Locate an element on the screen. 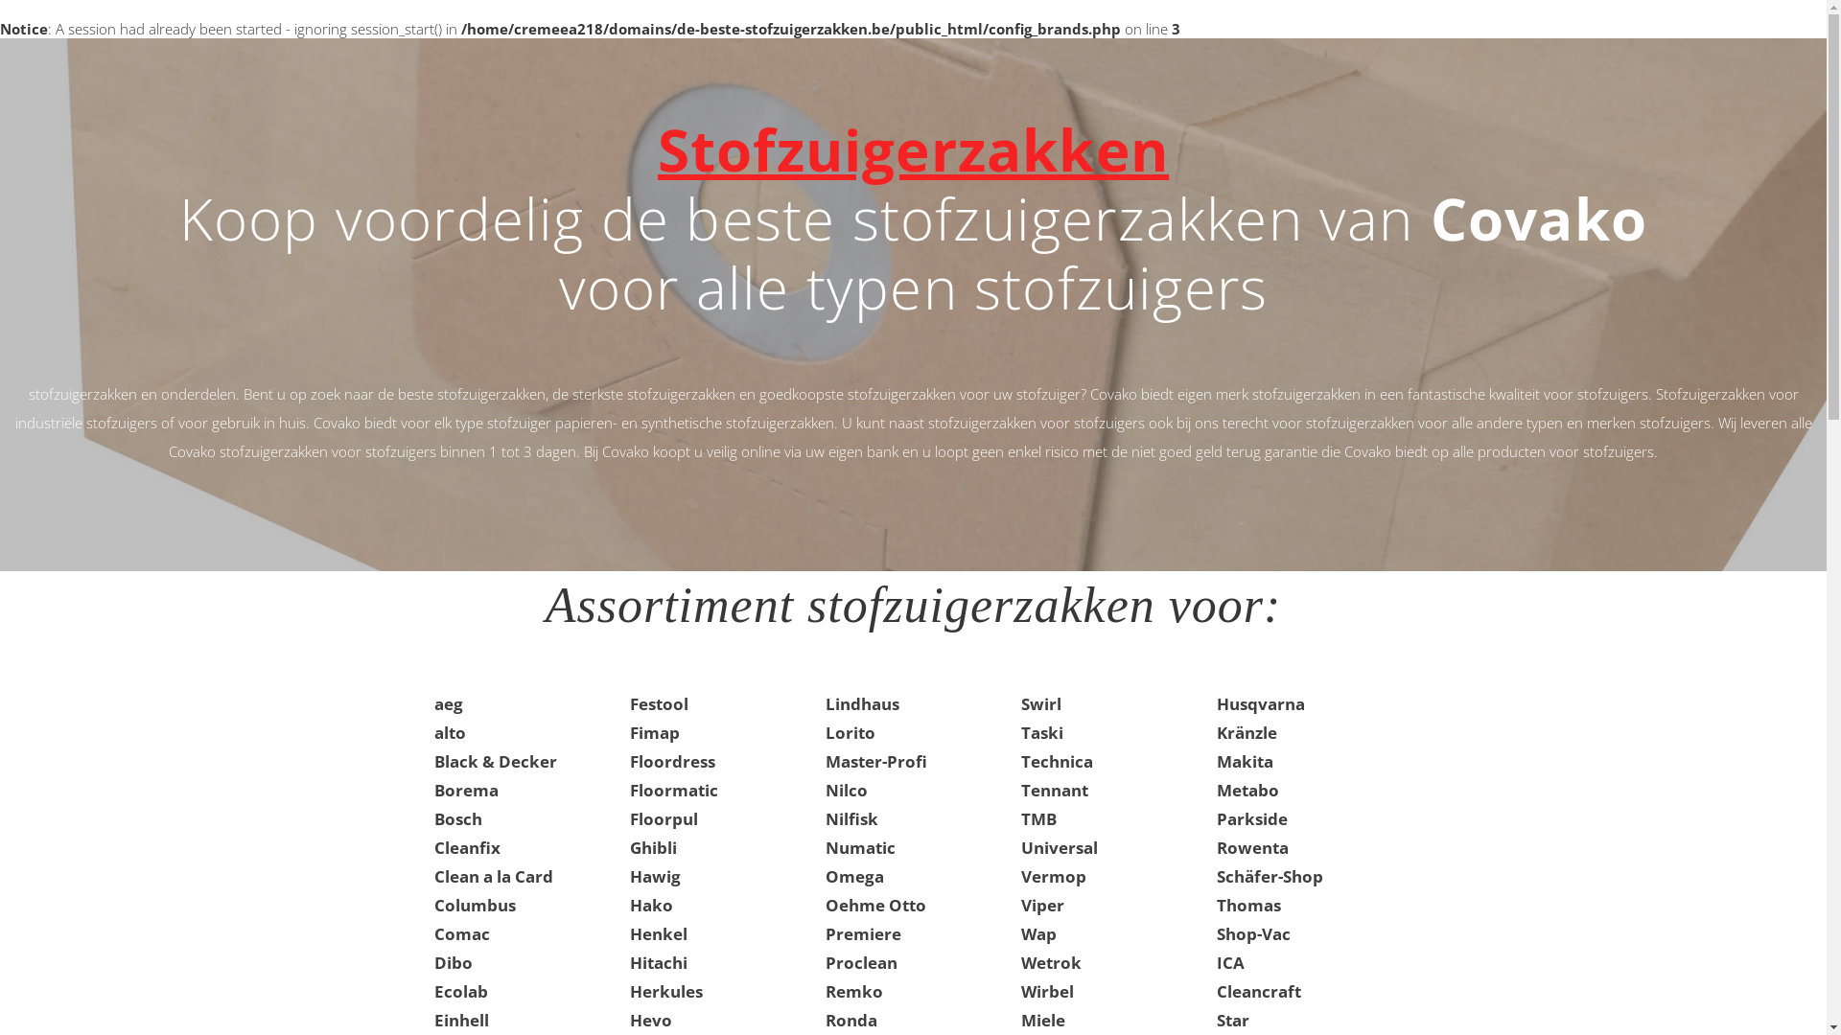  'Ghibli' is located at coordinates (652, 846).